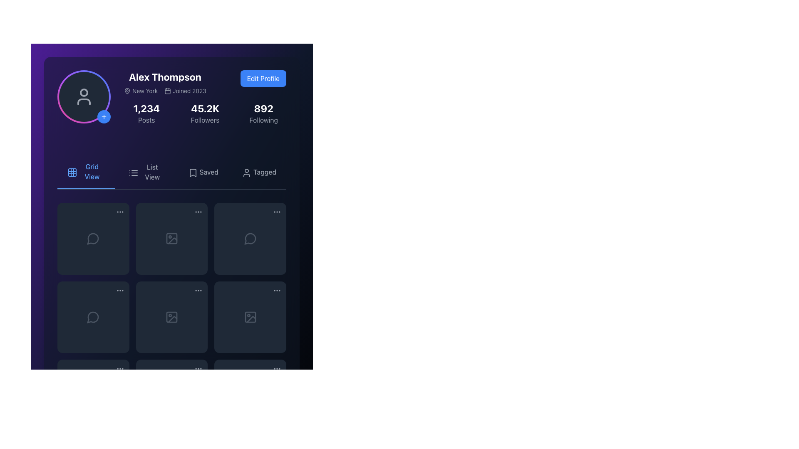  I want to click on the ellipsis icon button at the bottom-center of the grid of display panels, so click(198, 368).